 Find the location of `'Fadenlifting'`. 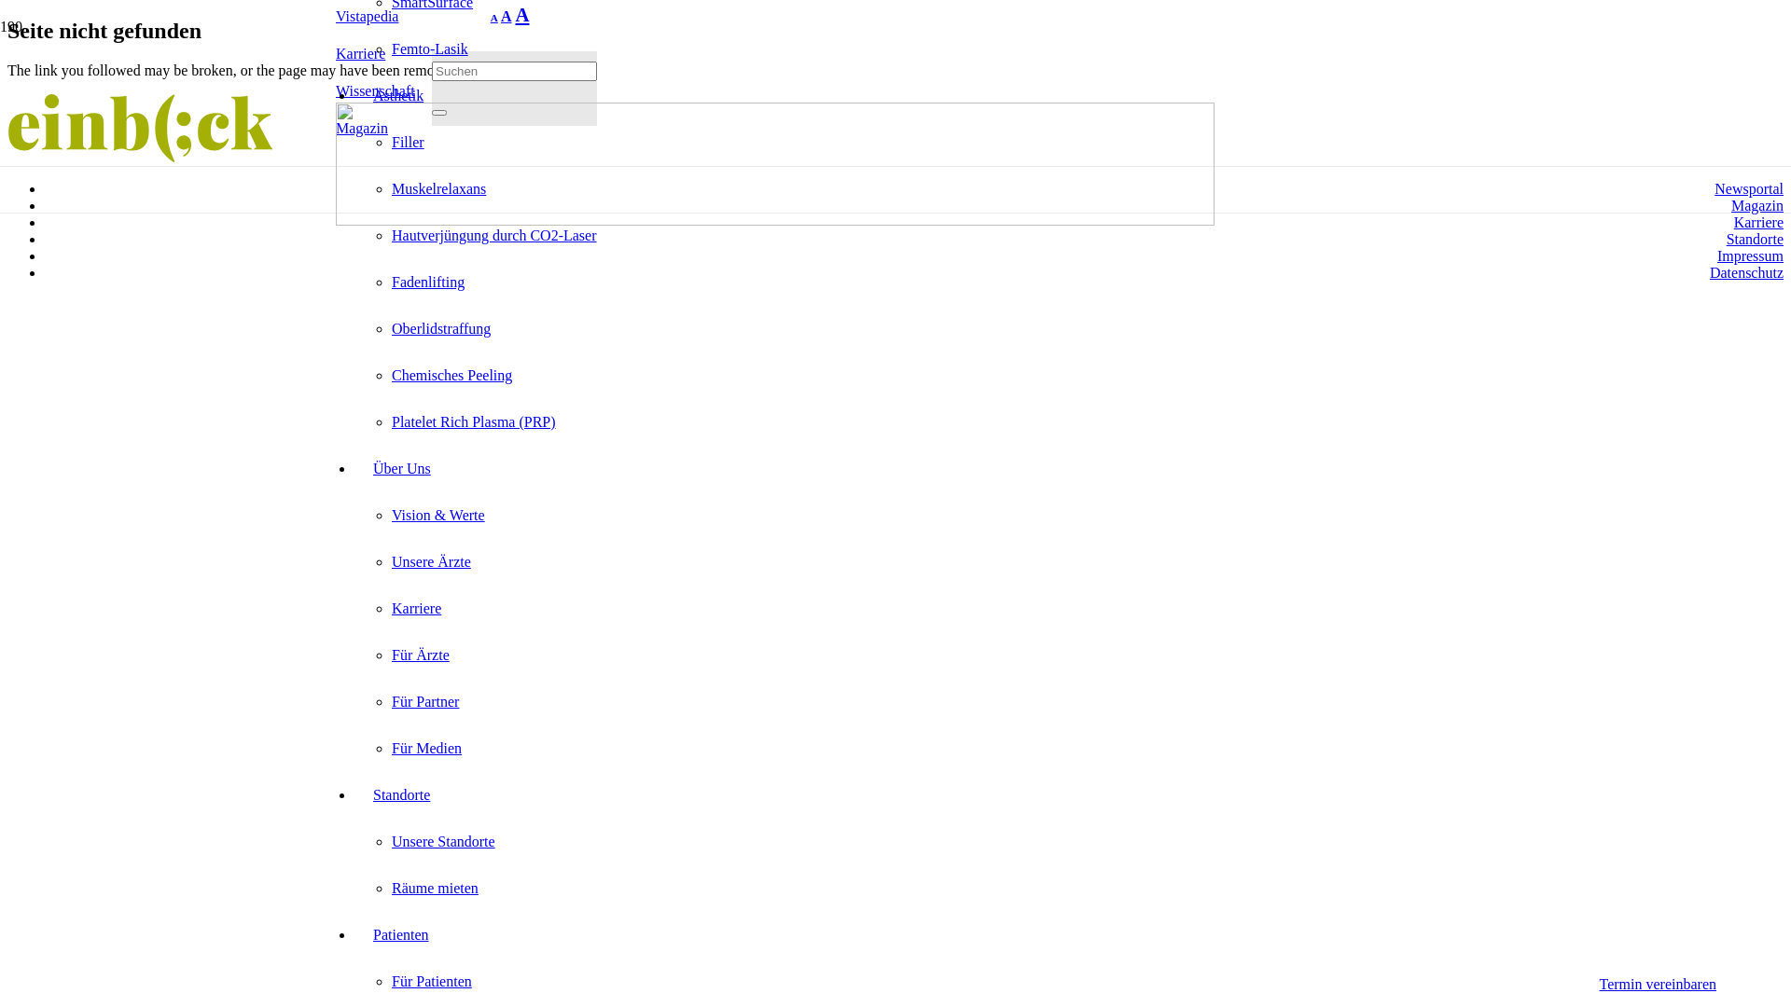

'Fadenlifting' is located at coordinates (391, 282).